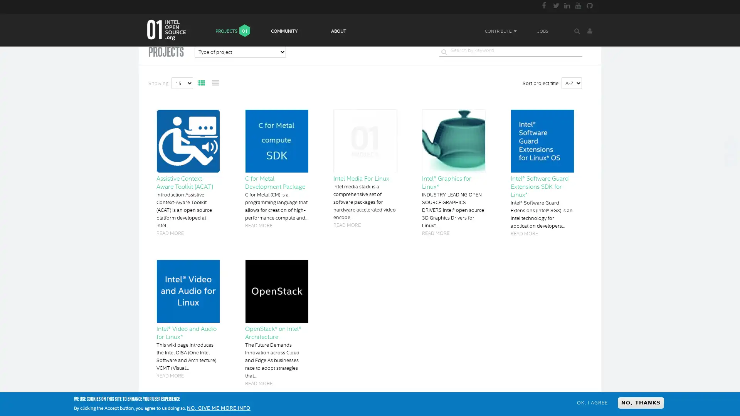  Describe the element at coordinates (641, 402) in the screenshot. I see `NO, THANKS` at that location.